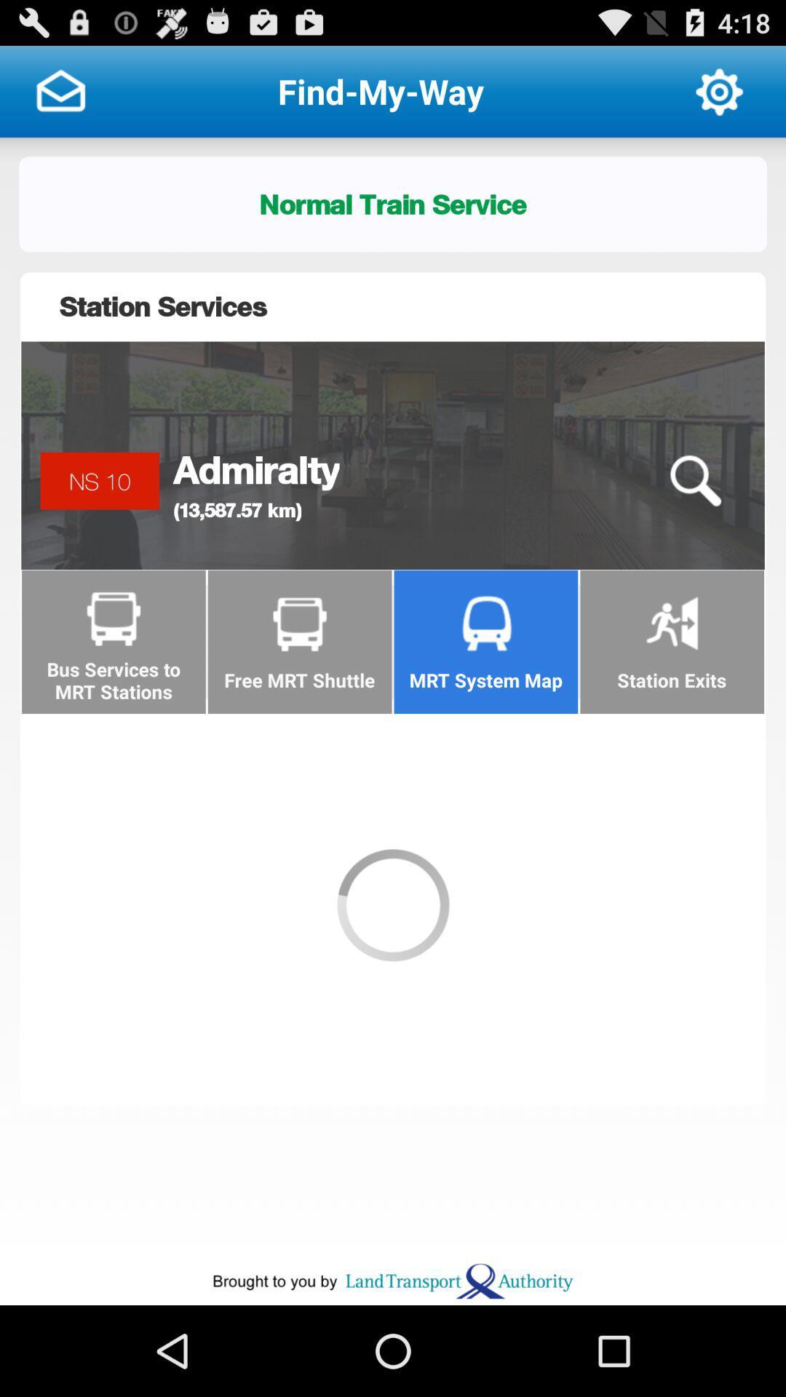 Image resolution: width=786 pixels, height=1397 pixels. I want to click on app next to the find-my-way, so click(718, 90).